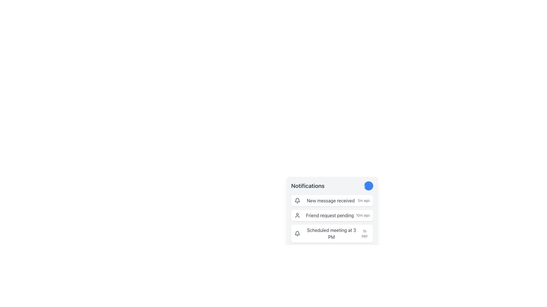 Image resolution: width=547 pixels, height=307 pixels. Describe the element at coordinates (297, 215) in the screenshot. I see `the user account icon indicating a friend request notification, located just to the left of the notification text 'Friend request pending' and '10m ago'` at that location.